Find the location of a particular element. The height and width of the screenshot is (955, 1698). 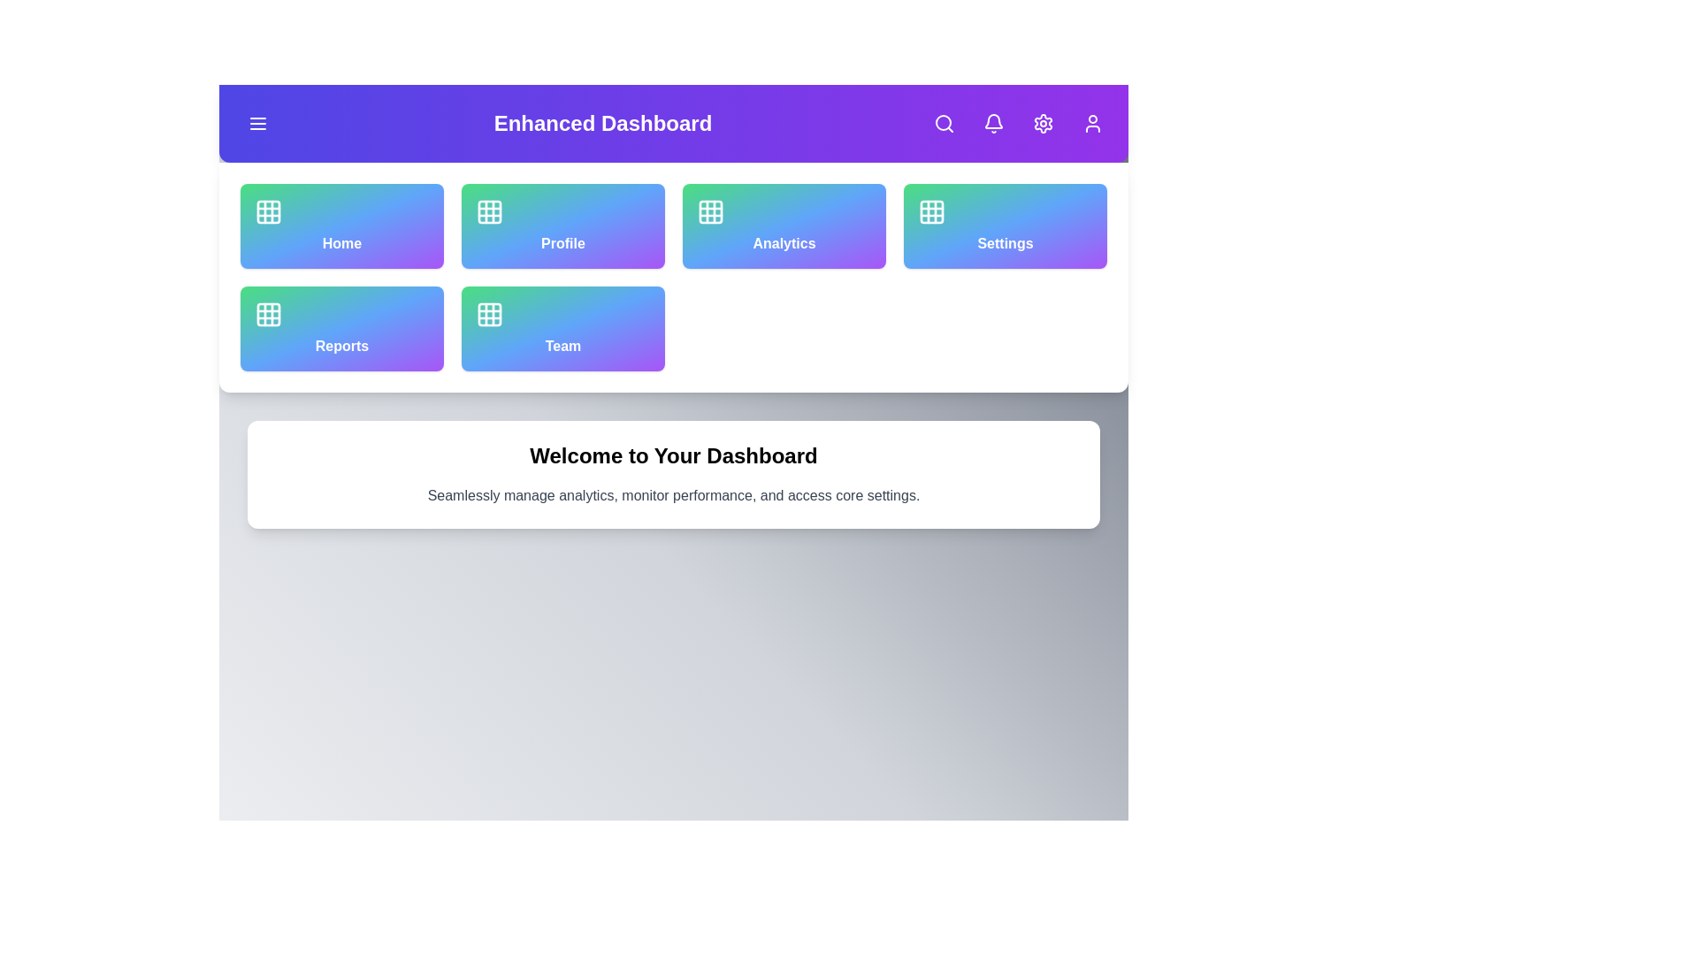

the navigation option Reports by clicking its corresponding button is located at coordinates (342, 328).